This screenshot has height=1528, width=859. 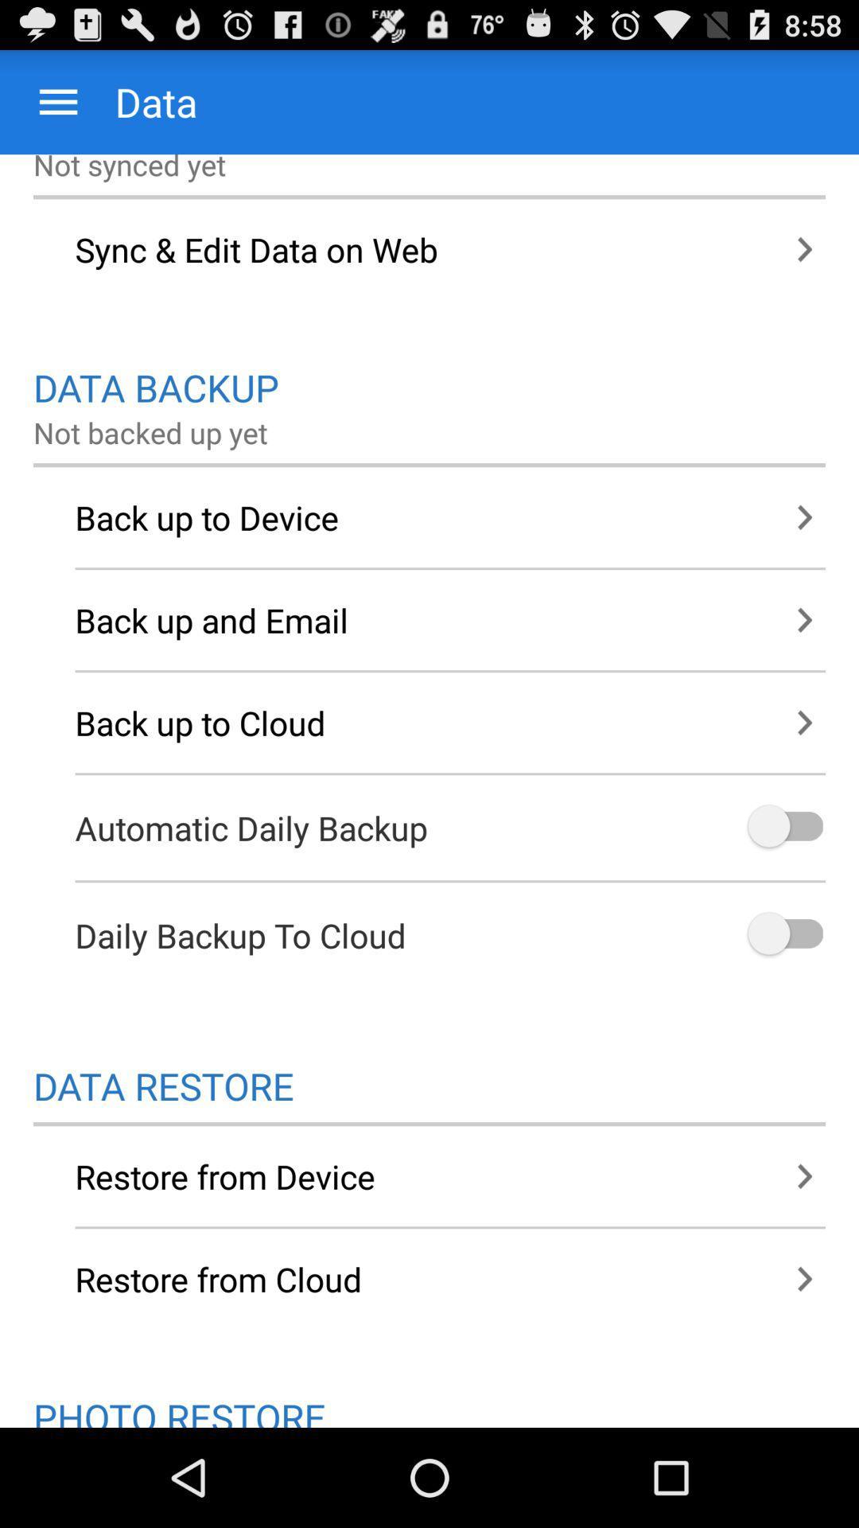 What do you see at coordinates (57, 101) in the screenshot?
I see `menu options` at bounding box center [57, 101].